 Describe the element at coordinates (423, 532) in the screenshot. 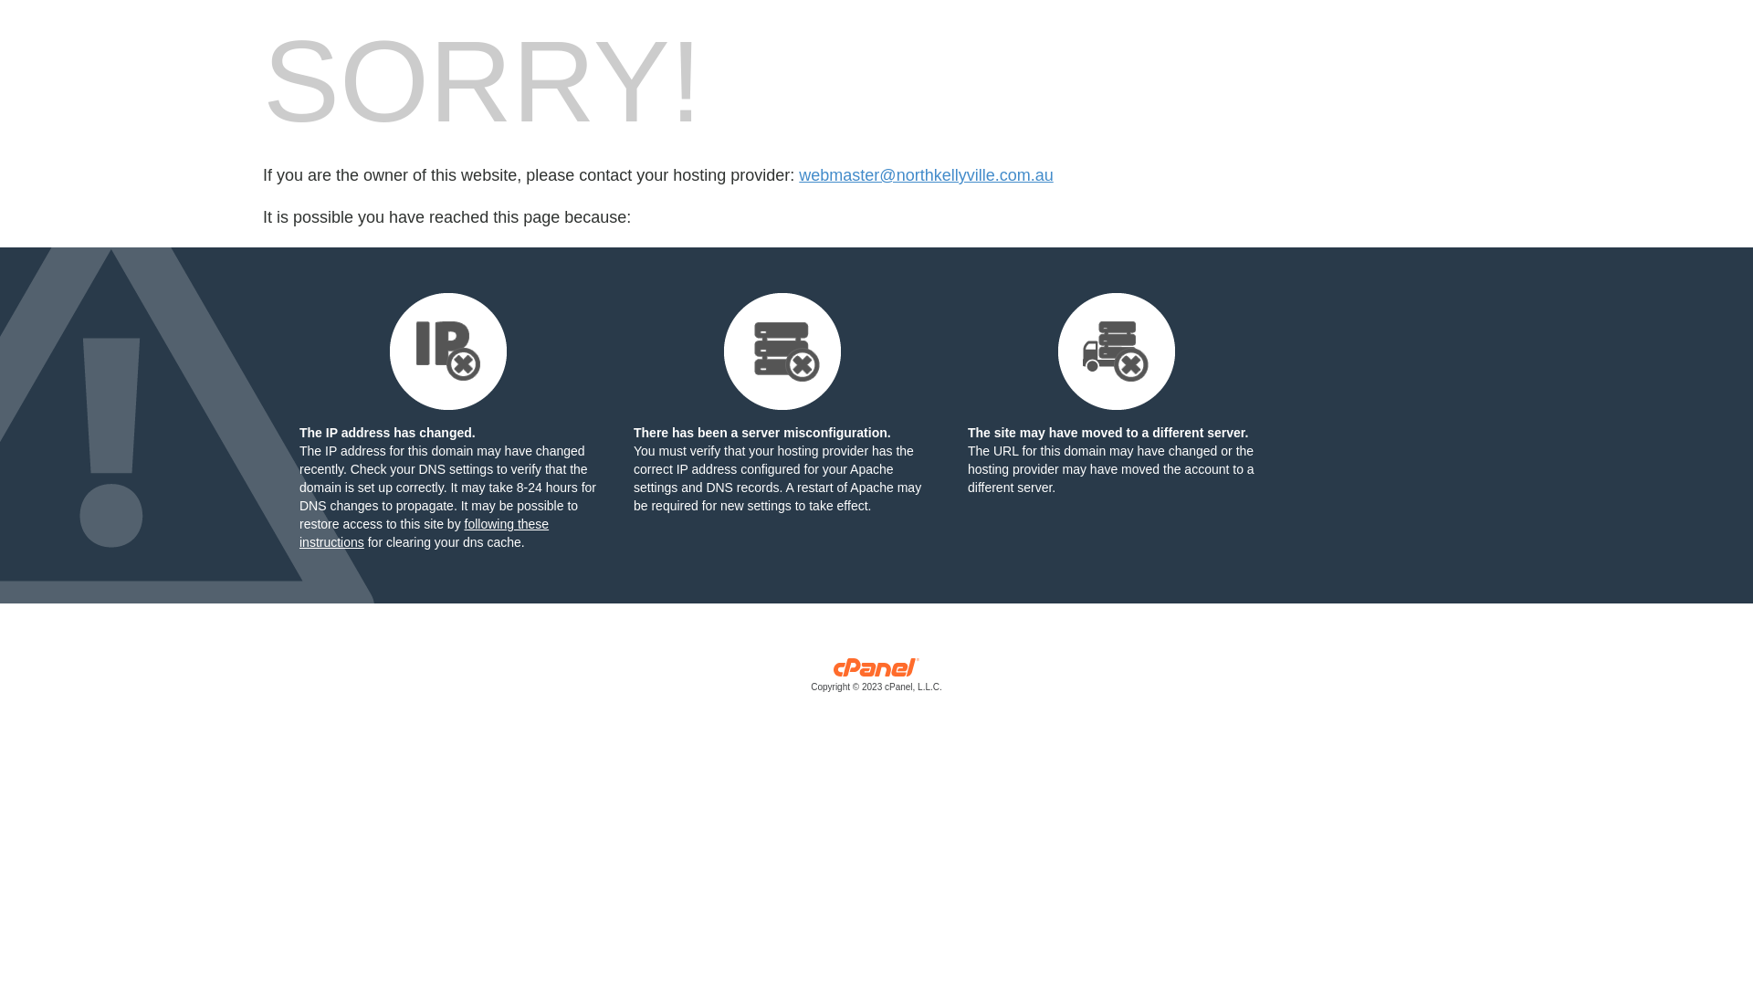

I see `'following these instructions'` at that location.